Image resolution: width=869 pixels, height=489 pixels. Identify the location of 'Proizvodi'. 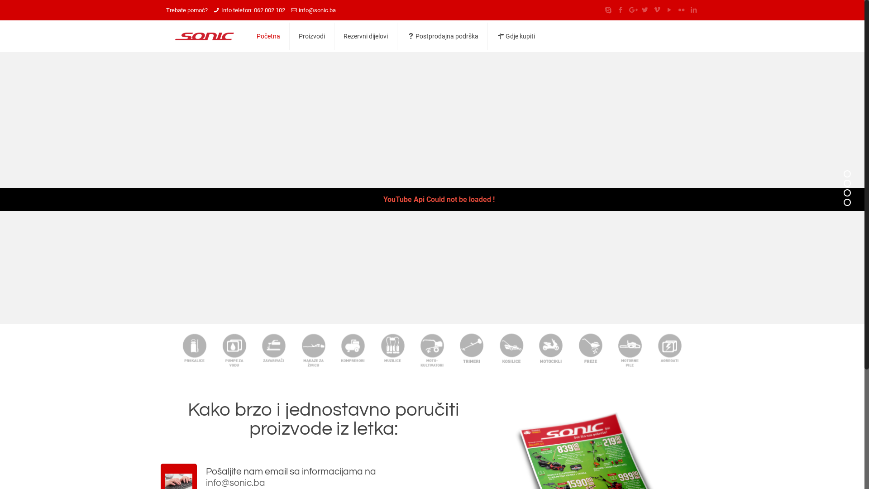
(289, 36).